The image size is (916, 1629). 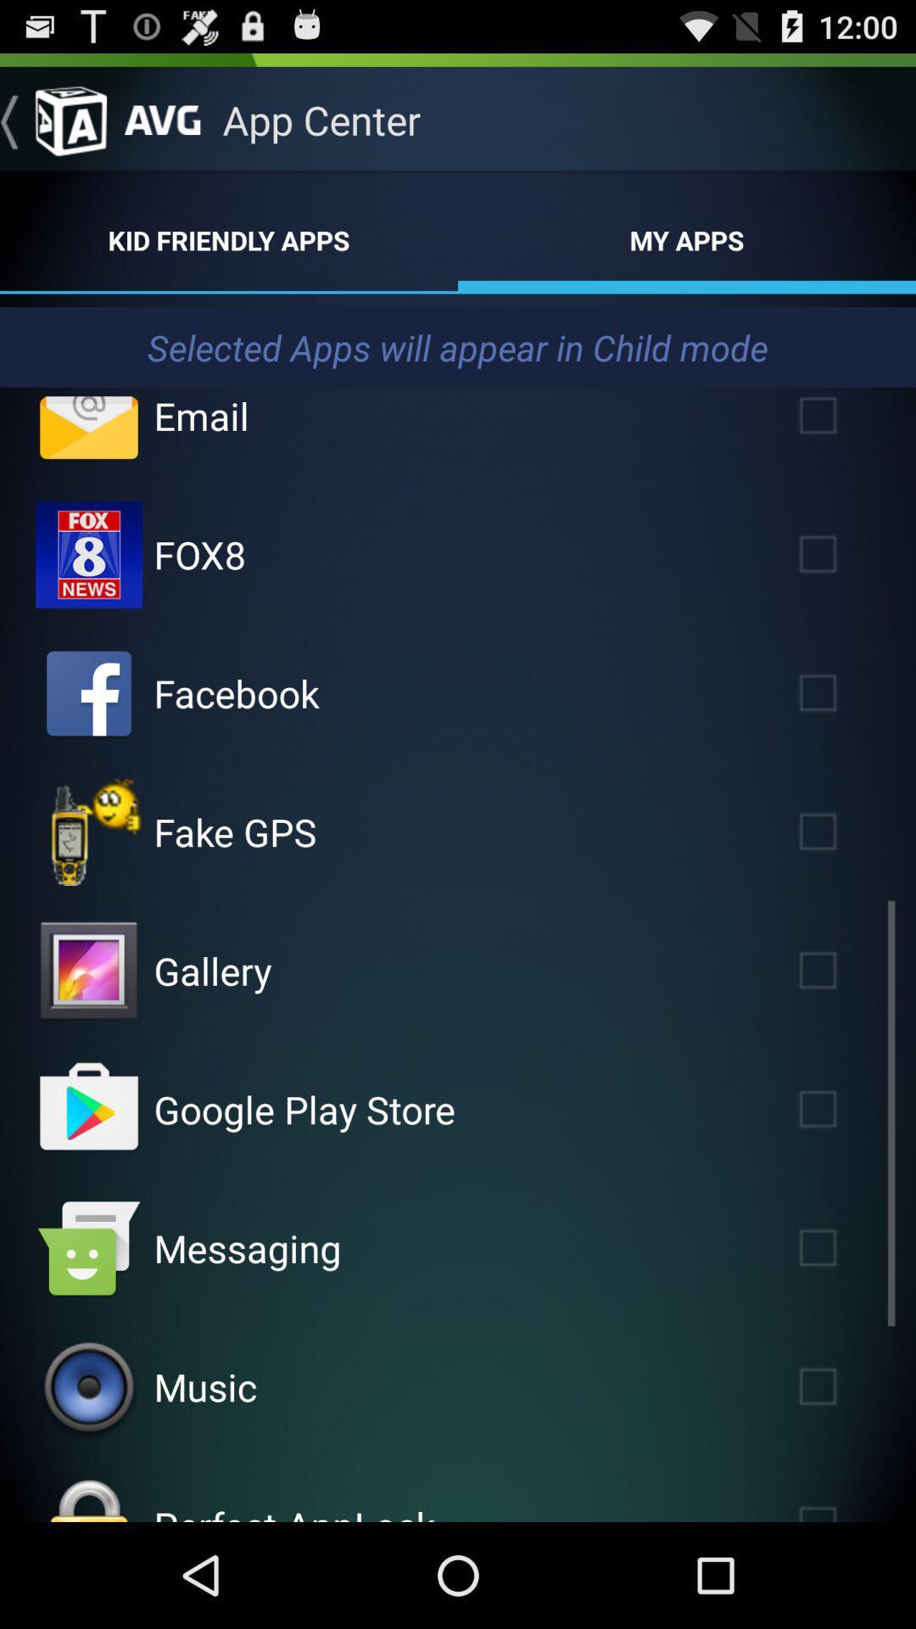 What do you see at coordinates (842, 554) in the screenshot?
I see `check fox8 selection` at bounding box center [842, 554].